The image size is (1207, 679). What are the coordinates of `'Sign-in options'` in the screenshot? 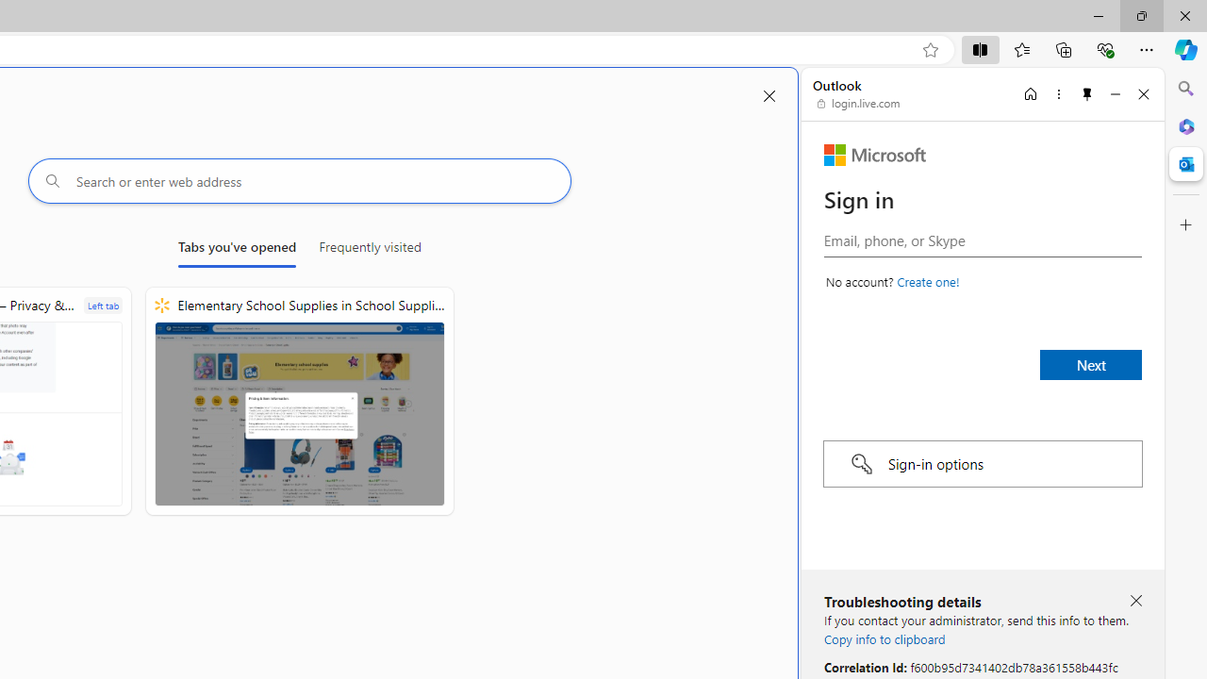 It's located at (982, 464).